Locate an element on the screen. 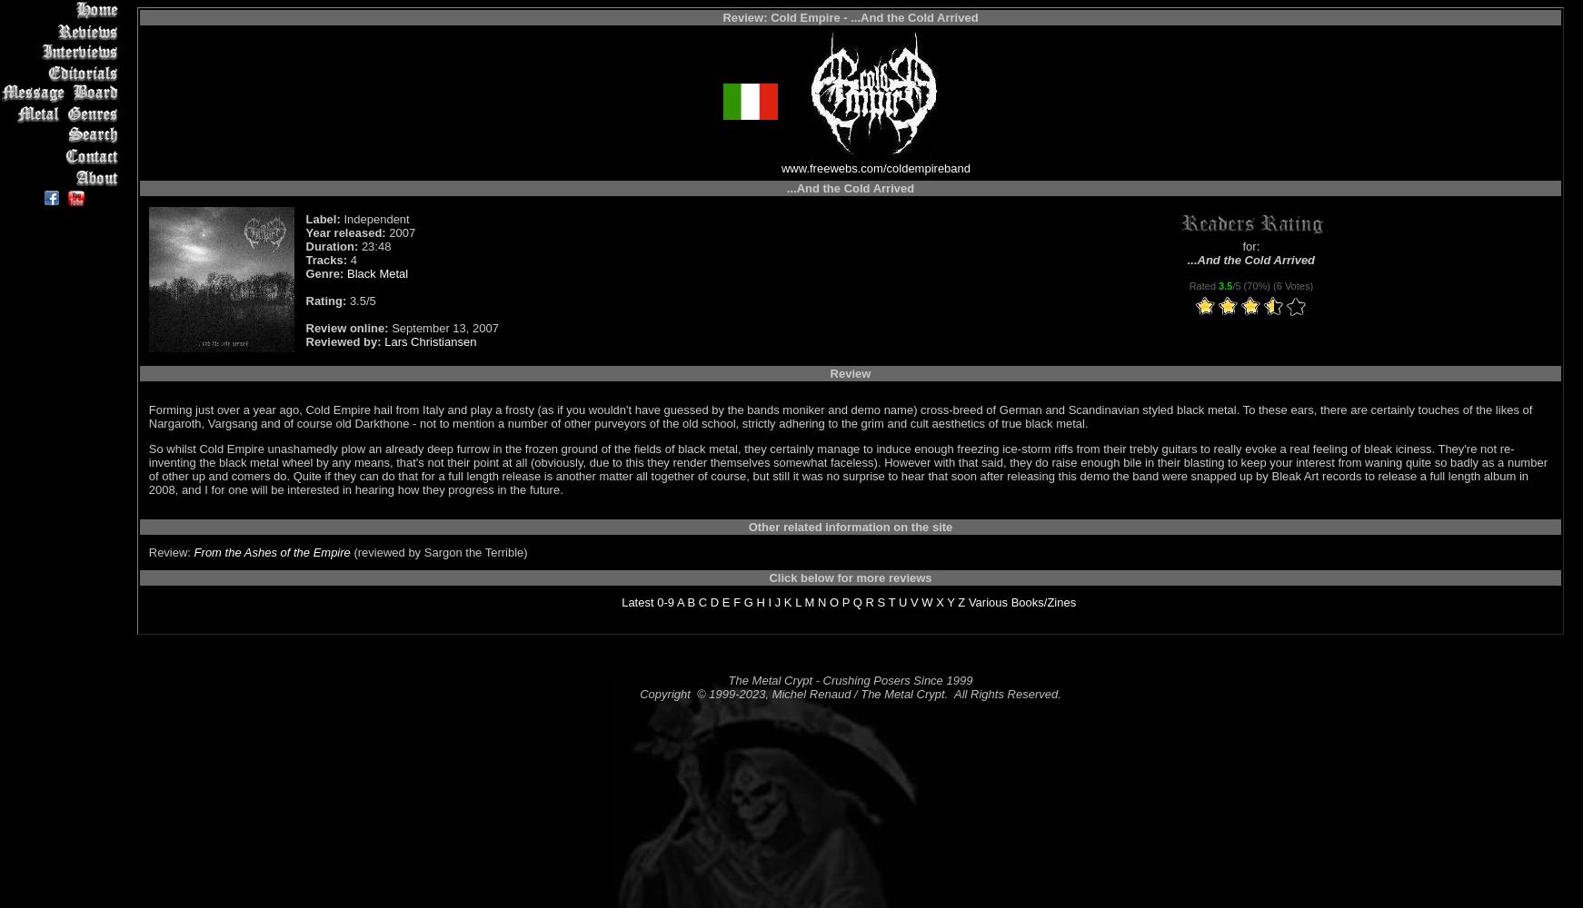 The width and height of the screenshot is (1583, 908). 'September 13, 2007' is located at coordinates (443, 327).